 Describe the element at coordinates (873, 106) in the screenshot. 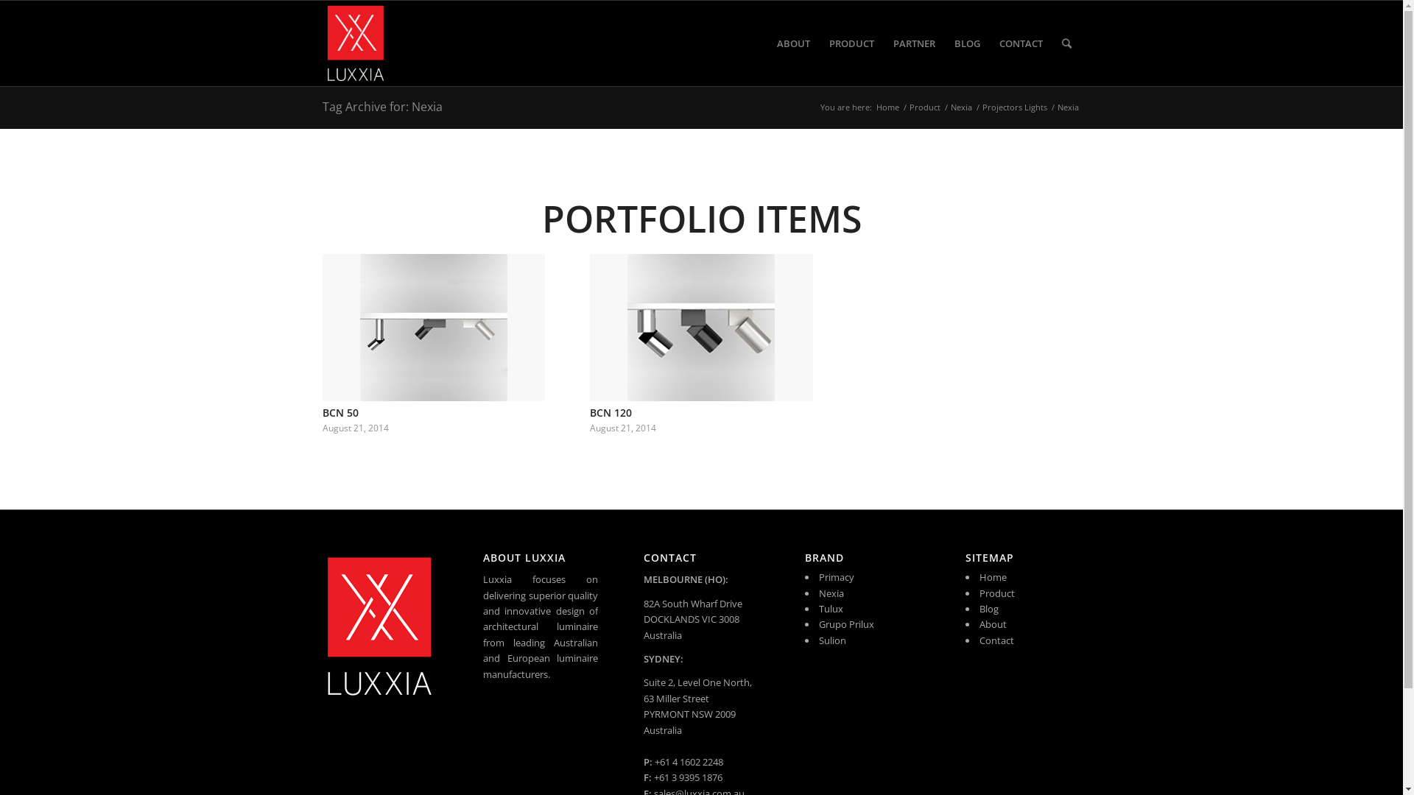

I see `'Home'` at that location.